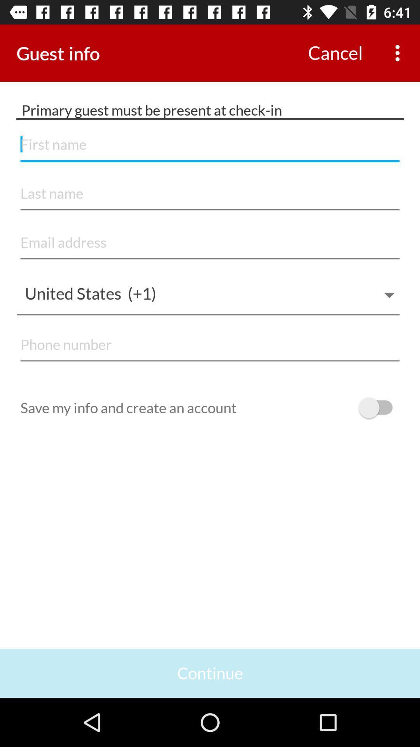 The image size is (420, 747). Describe the element at coordinates (210, 194) in the screenshot. I see `last name` at that location.